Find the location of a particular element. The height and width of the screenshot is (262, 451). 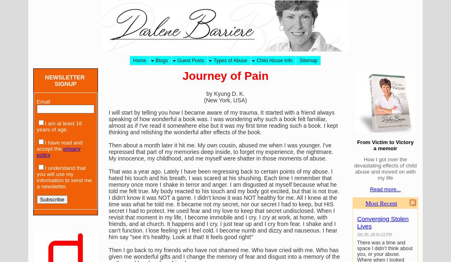

'privacy policy' is located at coordinates (58, 152).